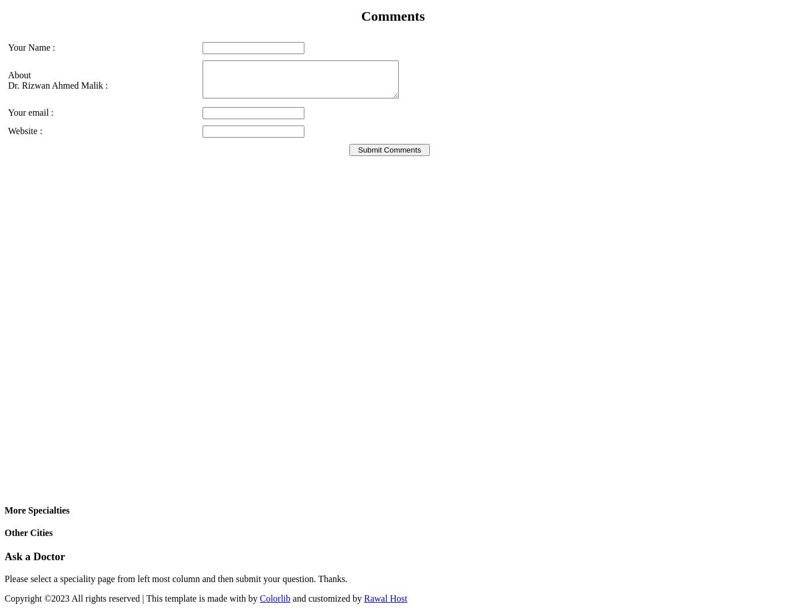 The image size is (786, 612). What do you see at coordinates (384, 598) in the screenshot?
I see `'Rawal Host'` at bounding box center [384, 598].